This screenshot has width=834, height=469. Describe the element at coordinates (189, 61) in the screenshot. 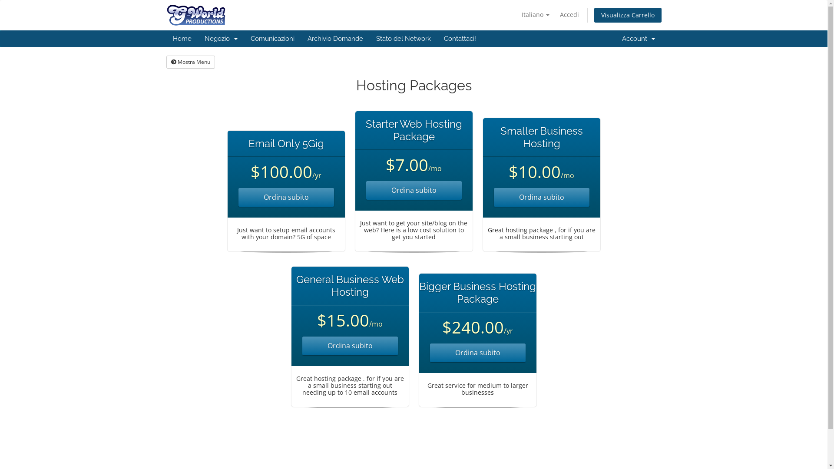

I see `'Mostra Menu'` at that location.